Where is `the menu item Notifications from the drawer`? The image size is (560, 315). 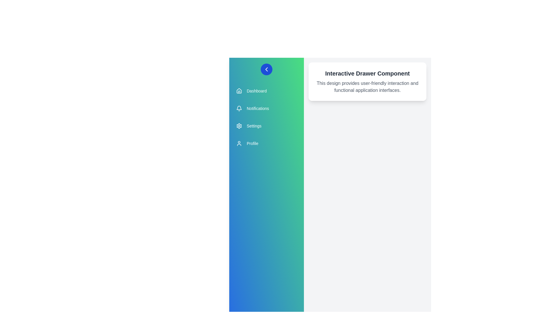
the menu item Notifications from the drawer is located at coordinates (266, 108).